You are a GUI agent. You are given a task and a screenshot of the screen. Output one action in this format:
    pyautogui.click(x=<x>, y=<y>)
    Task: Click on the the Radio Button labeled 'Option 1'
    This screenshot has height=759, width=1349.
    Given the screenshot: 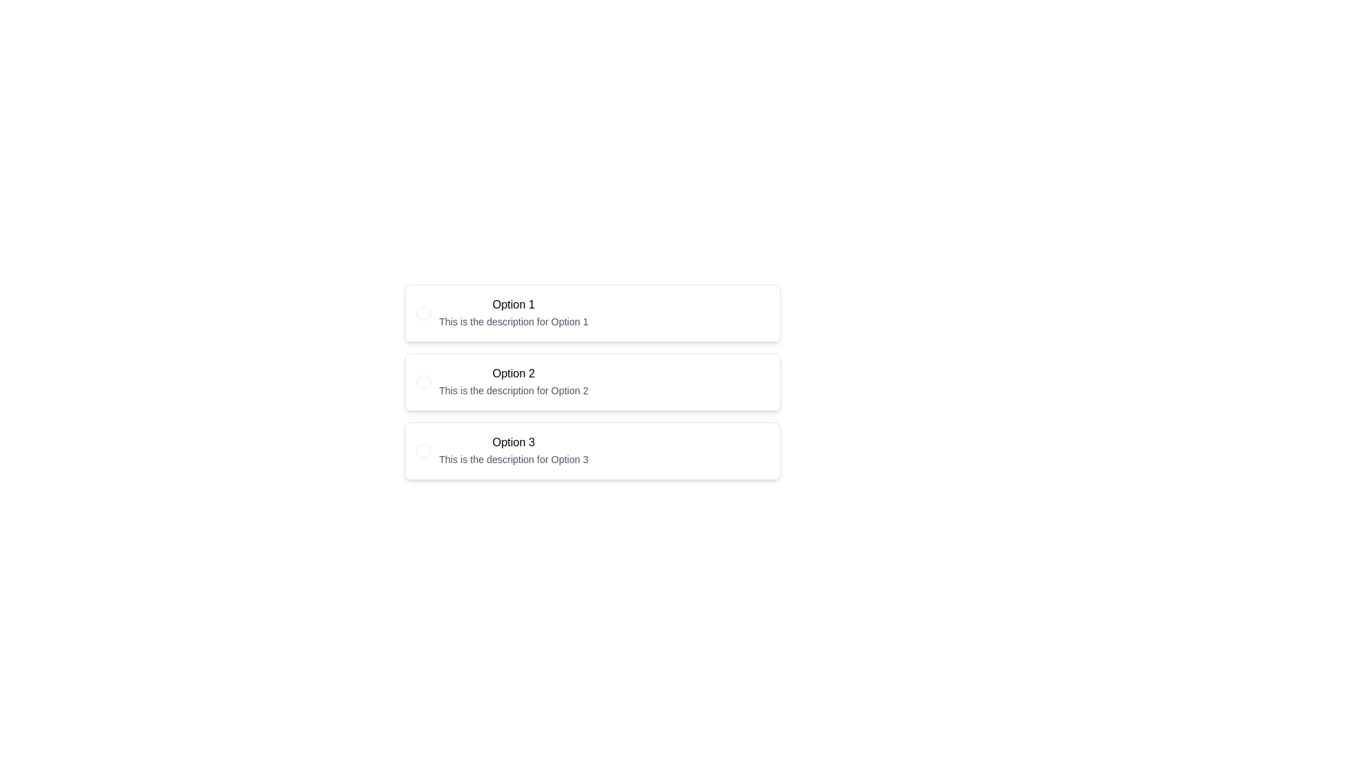 What is the action you would take?
    pyautogui.click(x=423, y=313)
    